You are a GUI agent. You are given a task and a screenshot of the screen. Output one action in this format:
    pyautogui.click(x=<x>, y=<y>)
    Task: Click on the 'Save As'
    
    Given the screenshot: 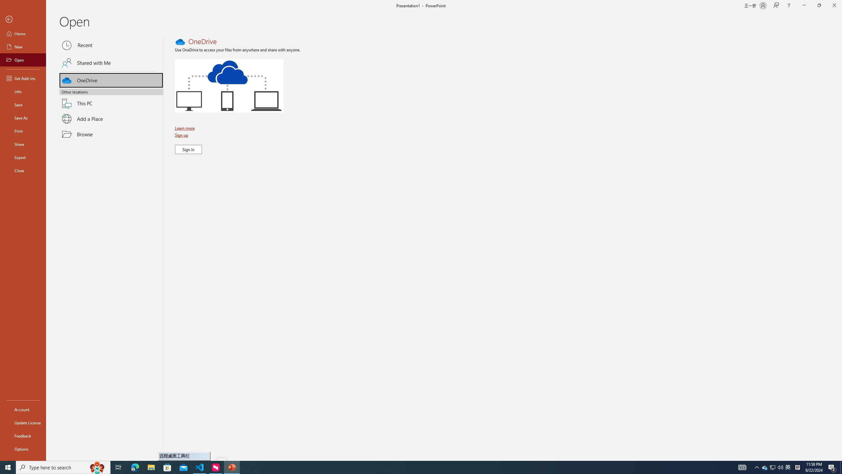 What is the action you would take?
    pyautogui.click(x=23, y=117)
    